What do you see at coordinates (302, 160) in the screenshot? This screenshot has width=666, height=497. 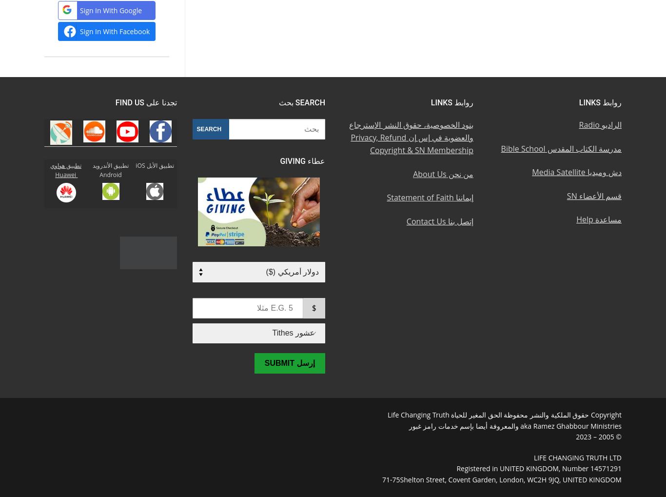 I see `'عطاء Giving'` at bounding box center [302, 160].